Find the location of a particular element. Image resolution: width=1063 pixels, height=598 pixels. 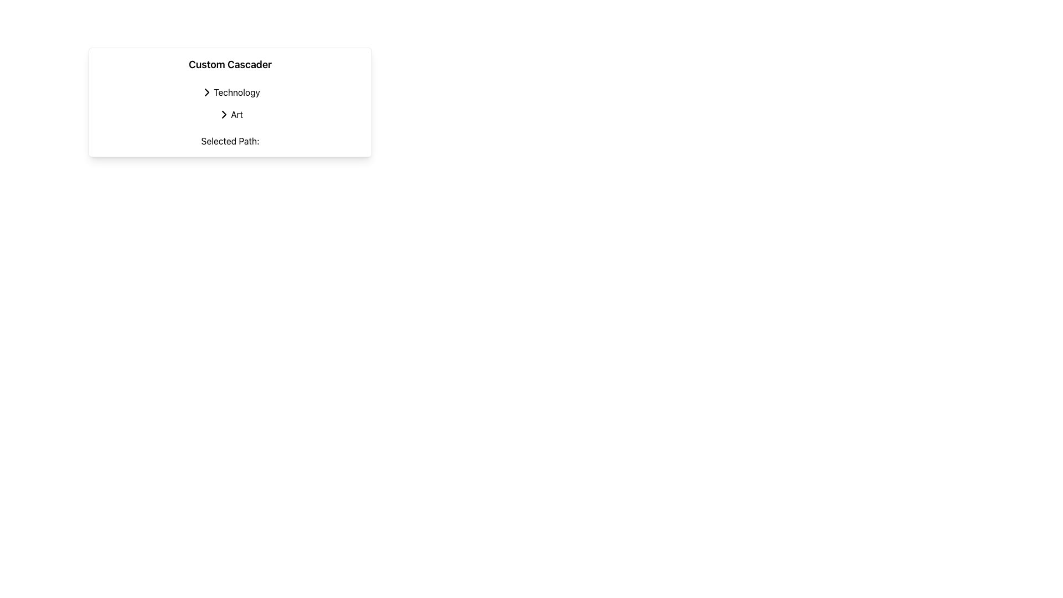

the first selectable text option in the 'Custom Cascader' menu is located at coordinates (236, 91).